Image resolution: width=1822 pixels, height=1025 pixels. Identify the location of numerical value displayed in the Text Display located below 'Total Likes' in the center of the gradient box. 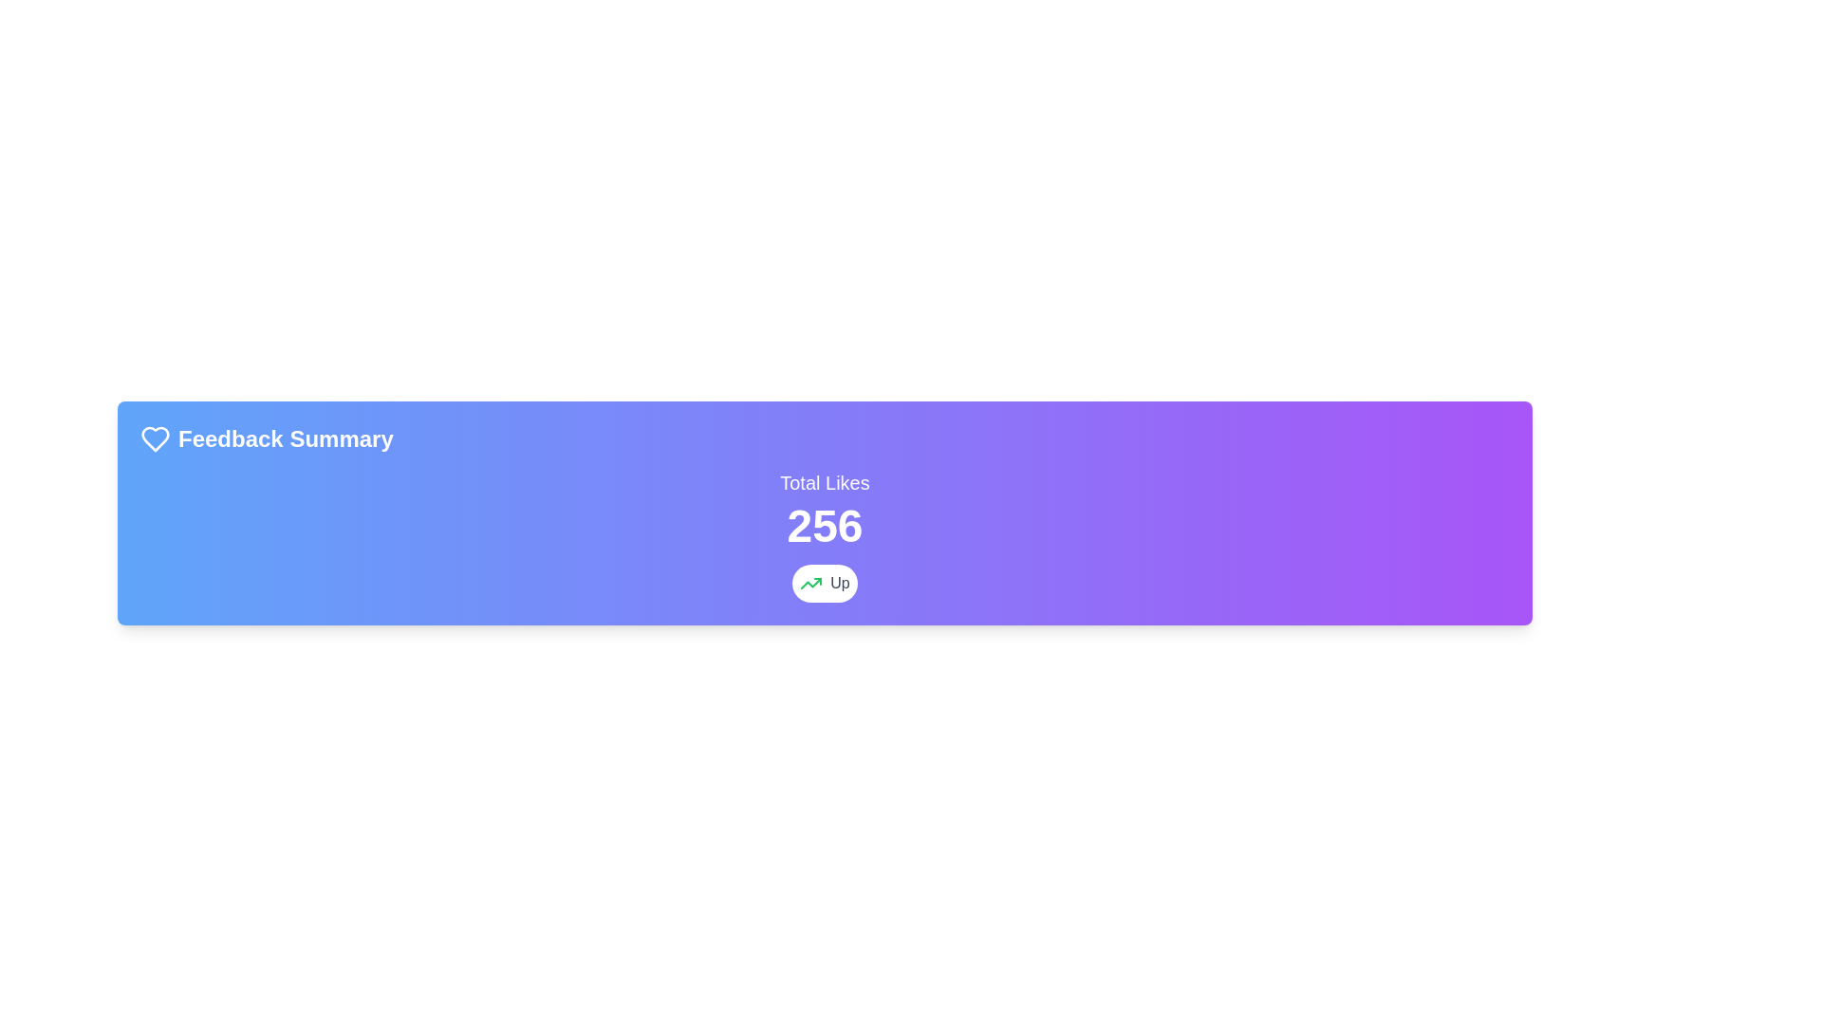
(825, 527).